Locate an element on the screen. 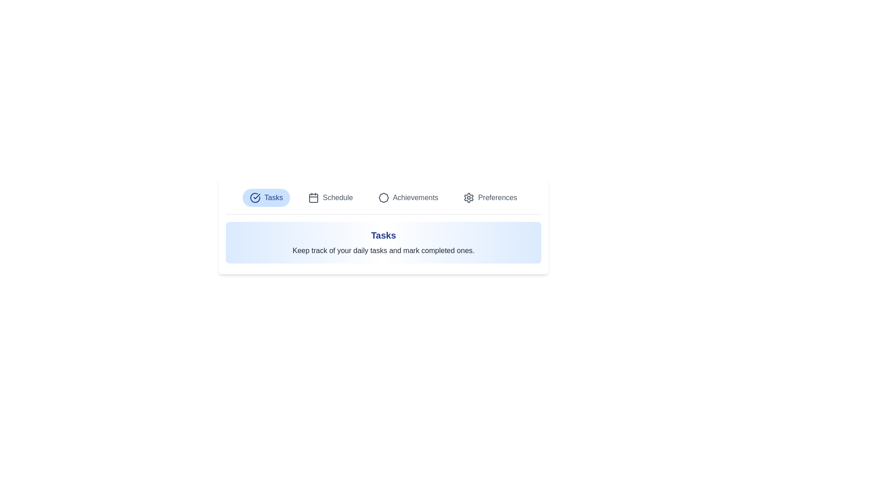 This screenshot has height=489, width=869. the 'Achievements' button in the navigation menu is located at coordinates (408, 197).